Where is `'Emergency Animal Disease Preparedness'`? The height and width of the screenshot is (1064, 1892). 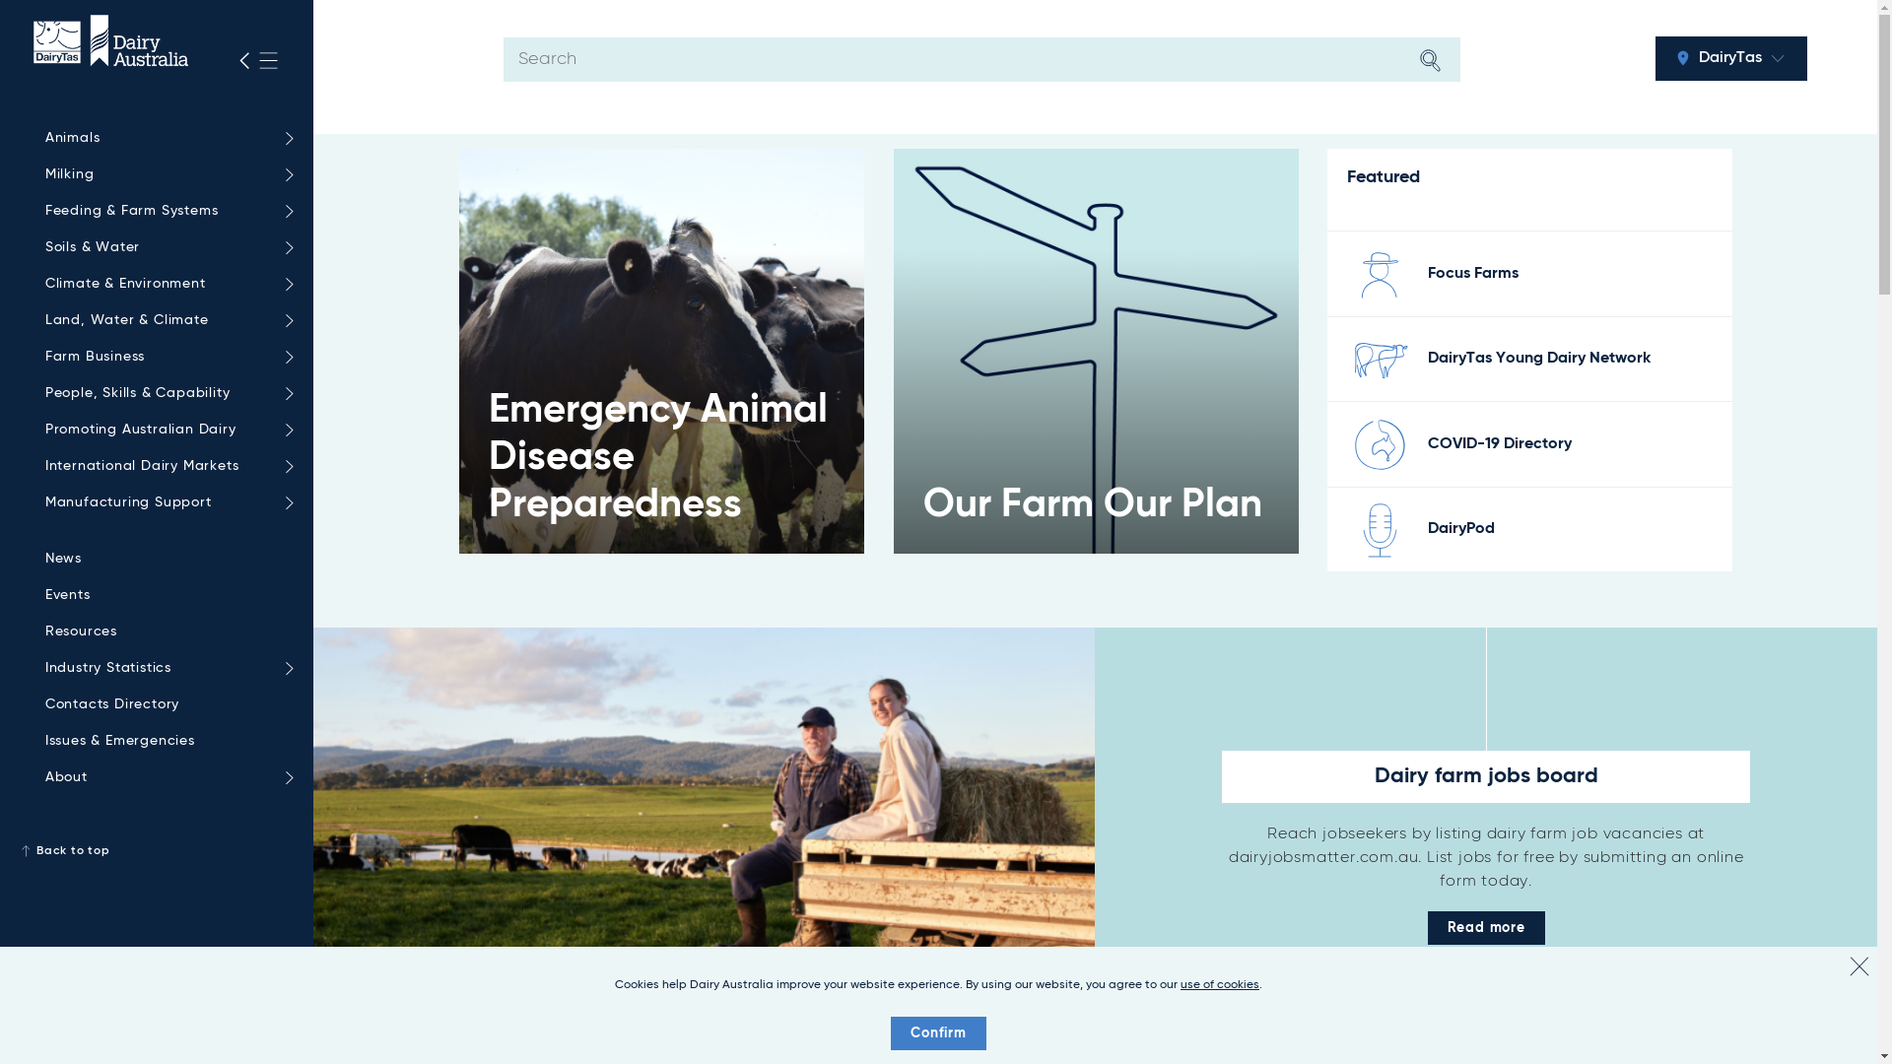 'Emergency Animal Disease Preparedness' is located at coordinates (661, 350).